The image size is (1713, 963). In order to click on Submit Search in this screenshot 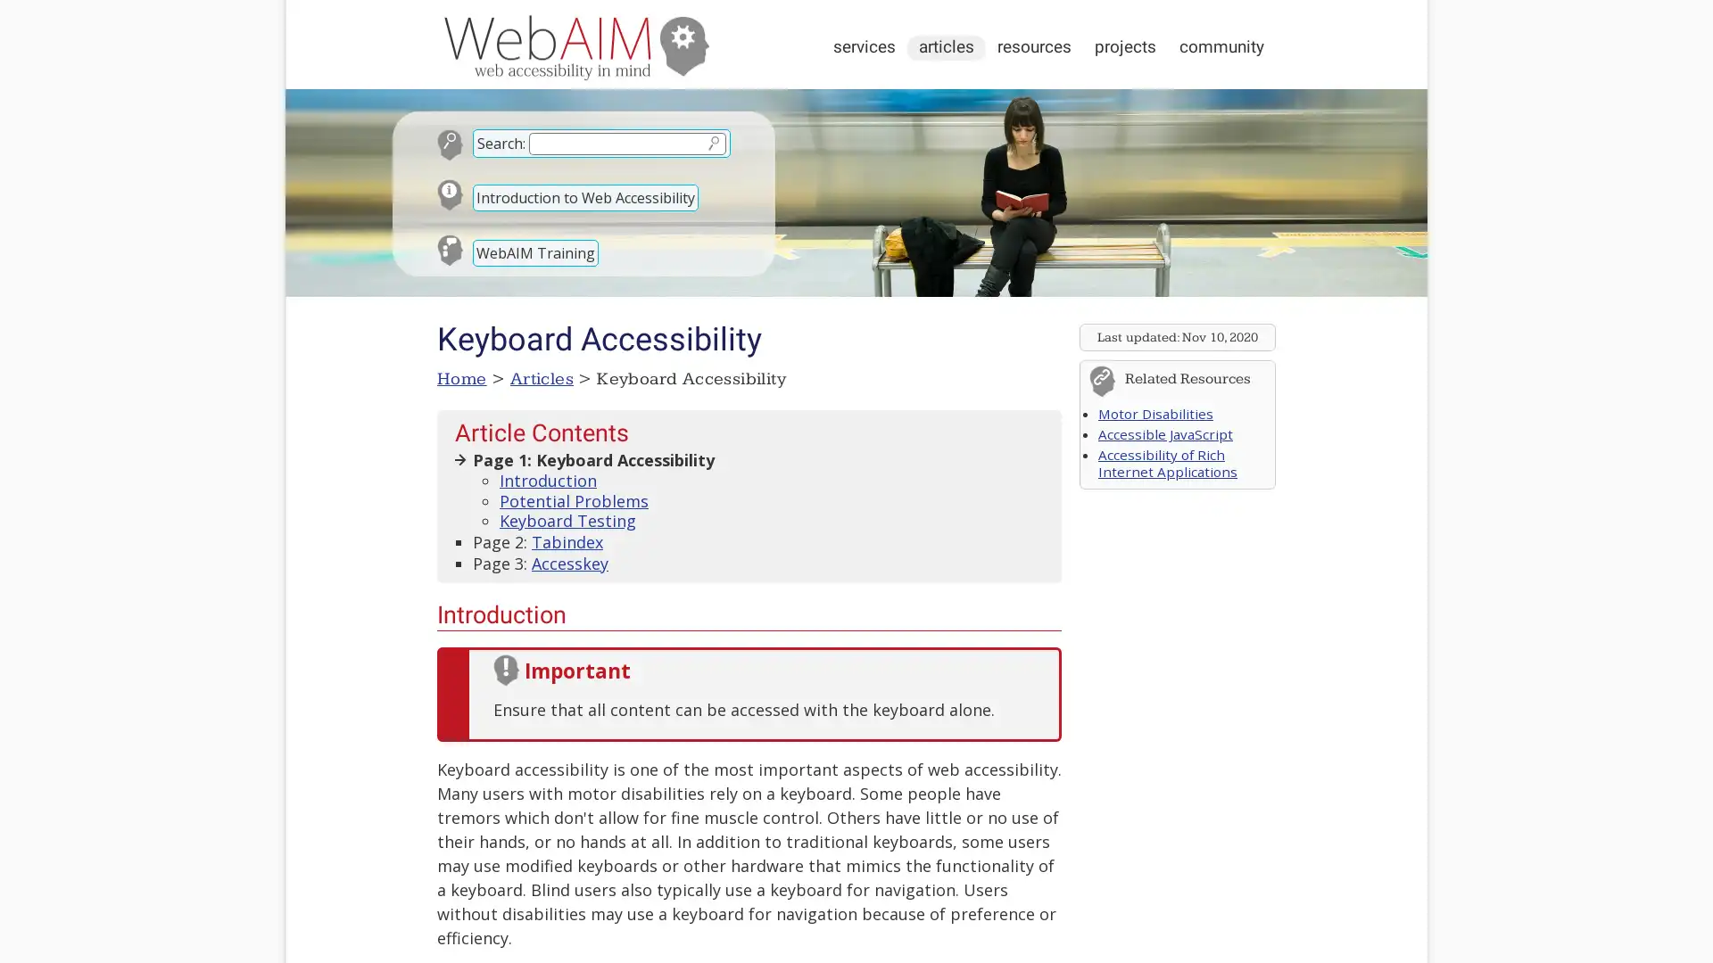, I will do `click(712, 142)`.